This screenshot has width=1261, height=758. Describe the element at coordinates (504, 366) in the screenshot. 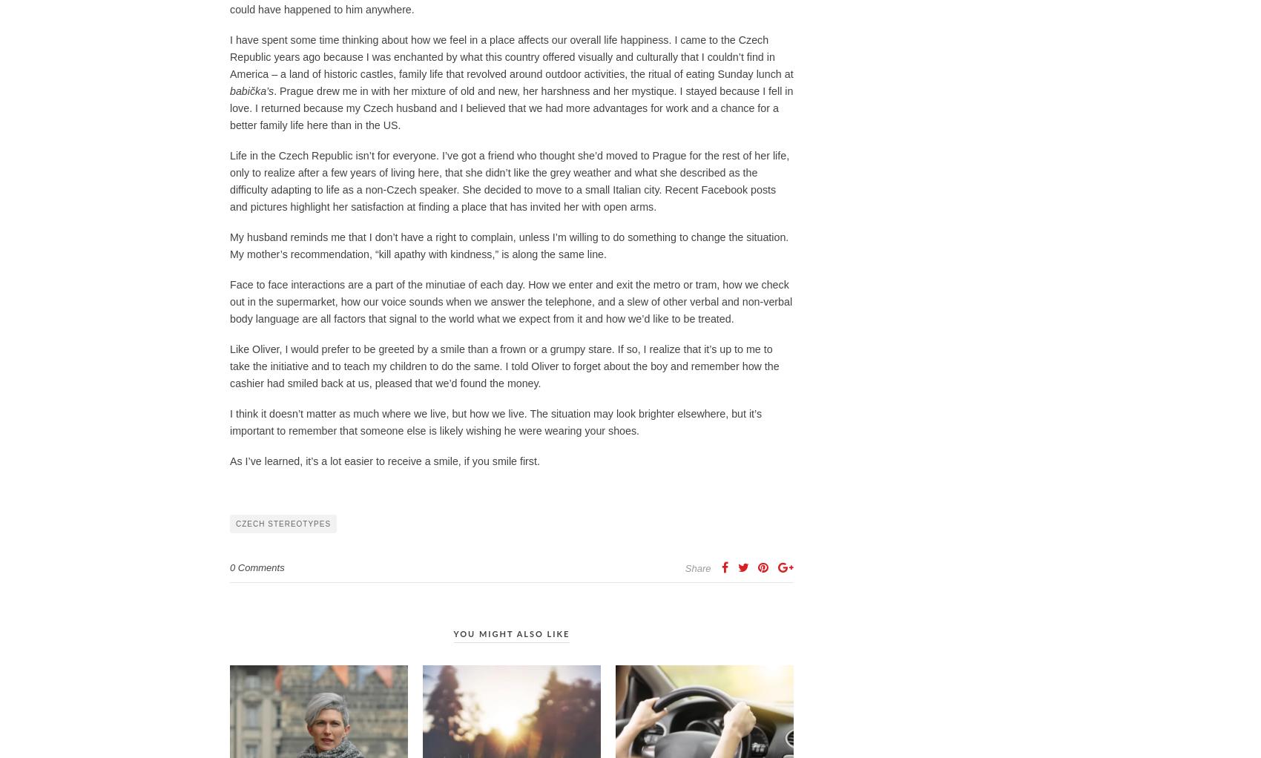

I see `'Like Oliver, I would prefer to be greeted by a smile than a frown or a grumpy stare. If so, I realize that it’s up to me to take the initiative and to teach my children to do the same. I told Oliver to forget about the boy and remember how the cashier had smiled back at us, pleased that we’d found the money.'` at that location.